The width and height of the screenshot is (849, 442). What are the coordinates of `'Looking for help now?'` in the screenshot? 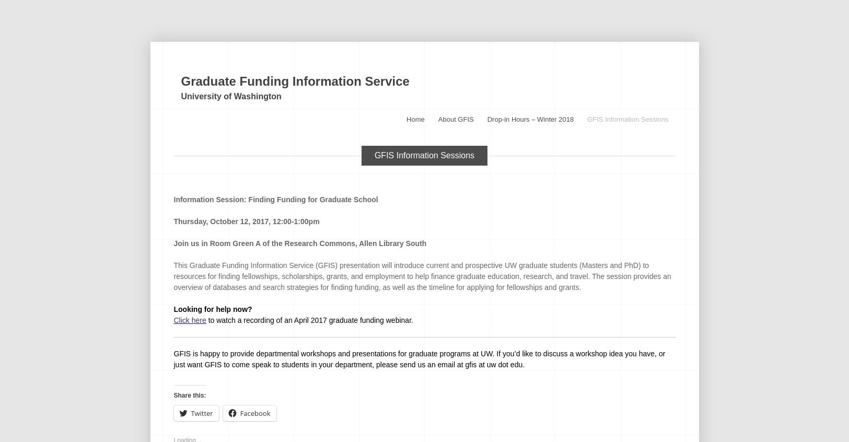 It's located at (212, 309).